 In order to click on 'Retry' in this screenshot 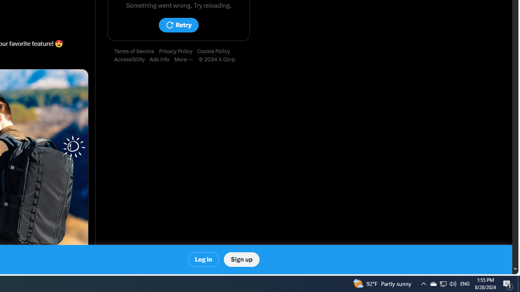, I will do `click(178, 25)`.